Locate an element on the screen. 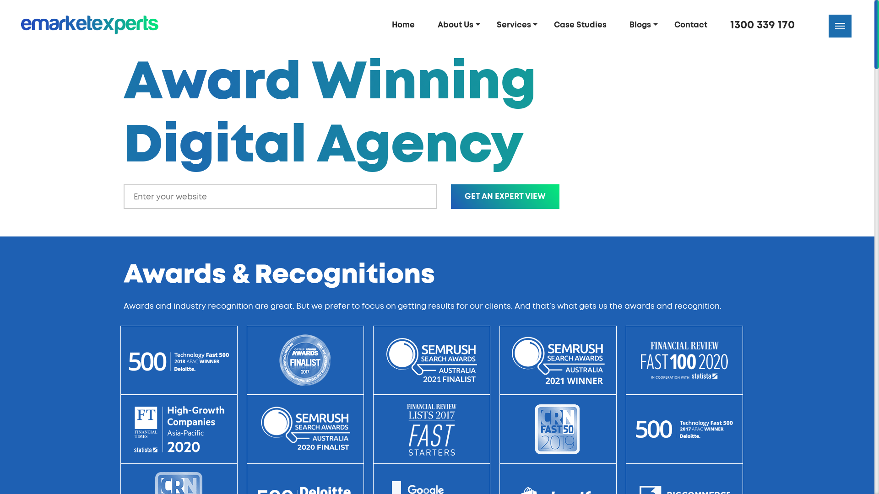  'Blogs' is located at coordinates (643, 24).